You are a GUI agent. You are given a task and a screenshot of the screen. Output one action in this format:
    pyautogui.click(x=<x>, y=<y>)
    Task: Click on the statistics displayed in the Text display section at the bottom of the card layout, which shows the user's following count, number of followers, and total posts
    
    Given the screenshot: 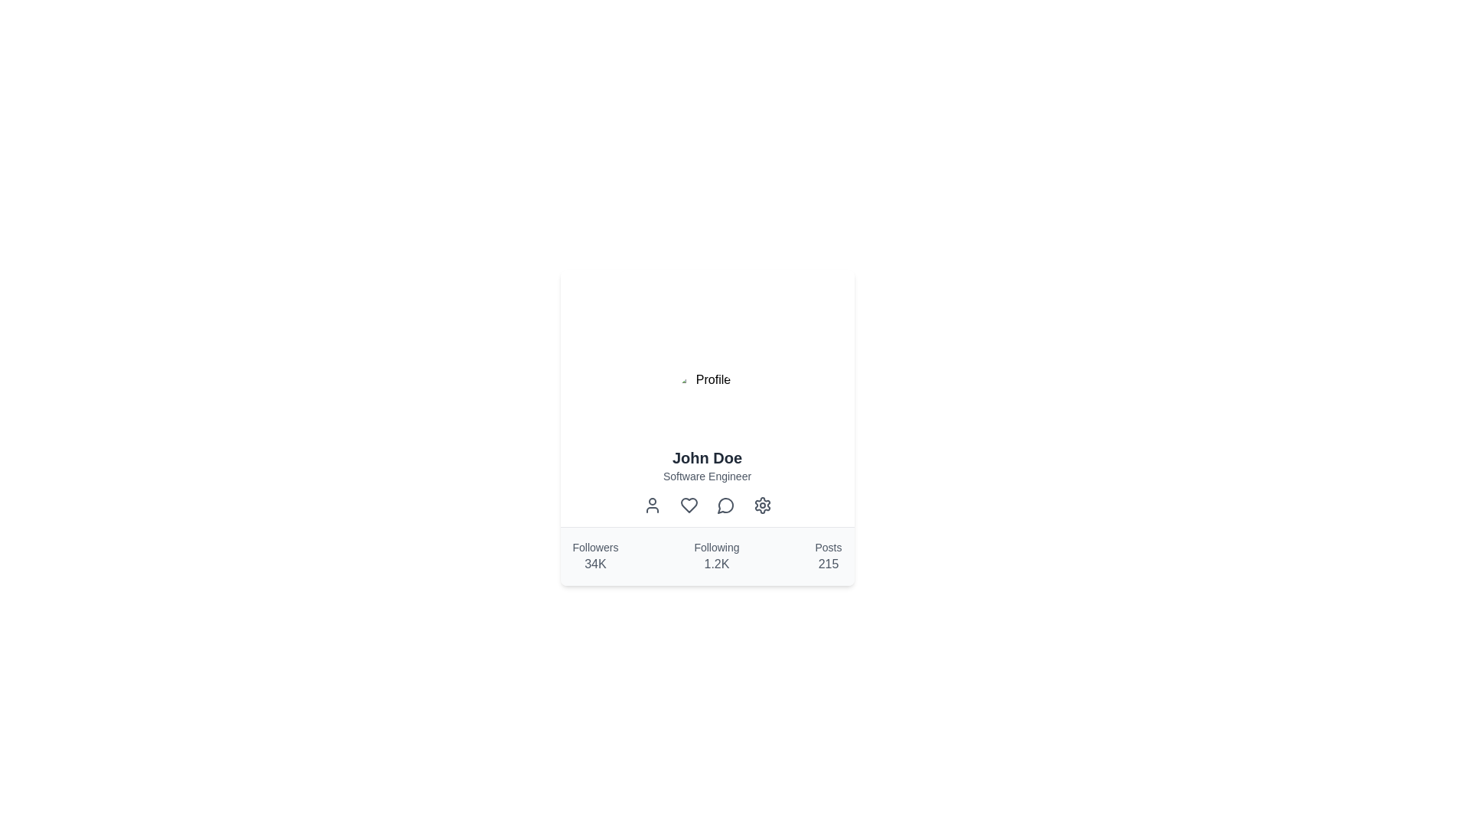 What is the action you would take?
    pyautogui.click(x=706, y=556)
    